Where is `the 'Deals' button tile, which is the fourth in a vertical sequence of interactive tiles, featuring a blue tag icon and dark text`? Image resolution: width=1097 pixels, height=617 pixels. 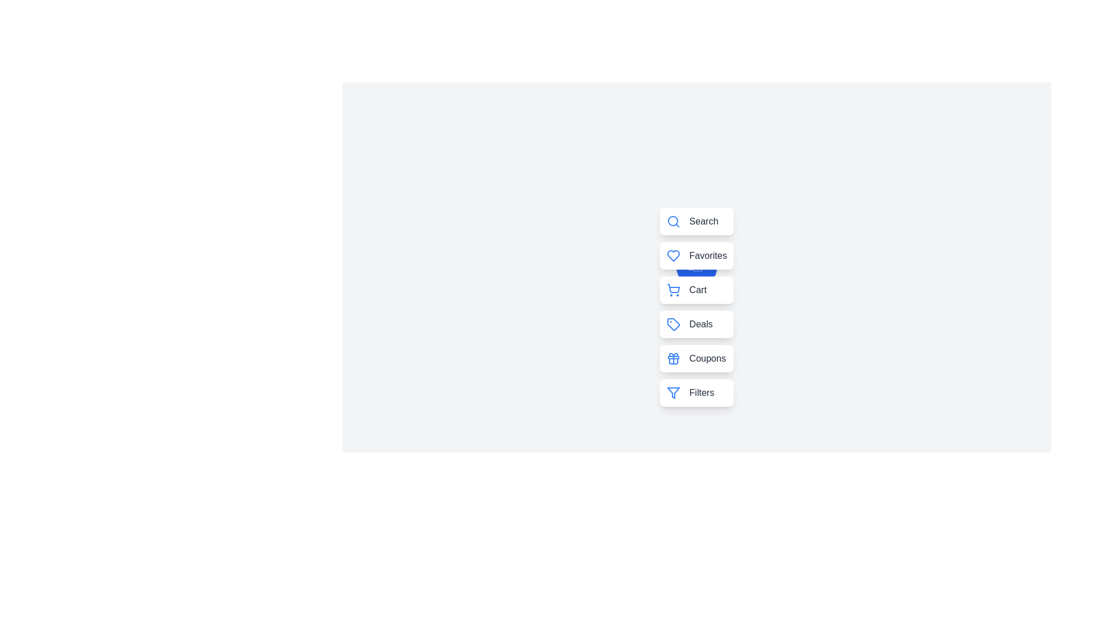
the 'Deals' button tile, which is the fourth in a vertical sequence of interactive tiles, featuring a blue tag icon and dark text is located at coordinates (696, 324).